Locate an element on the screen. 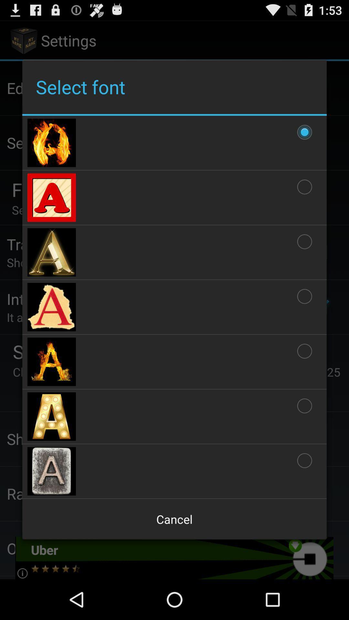  button at the bottom is located at coordinates (174, 519).